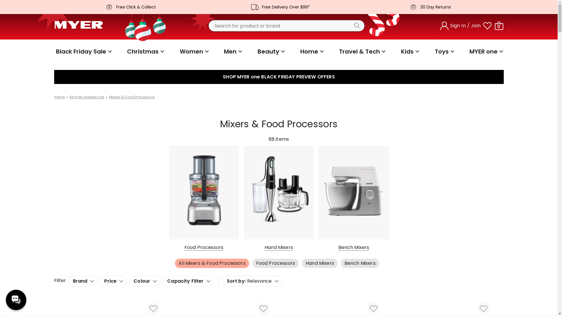 Image resolution: width=562 pixels, height=316 pixels. I want to click on 'Sign In / Join', so click(439, 25).